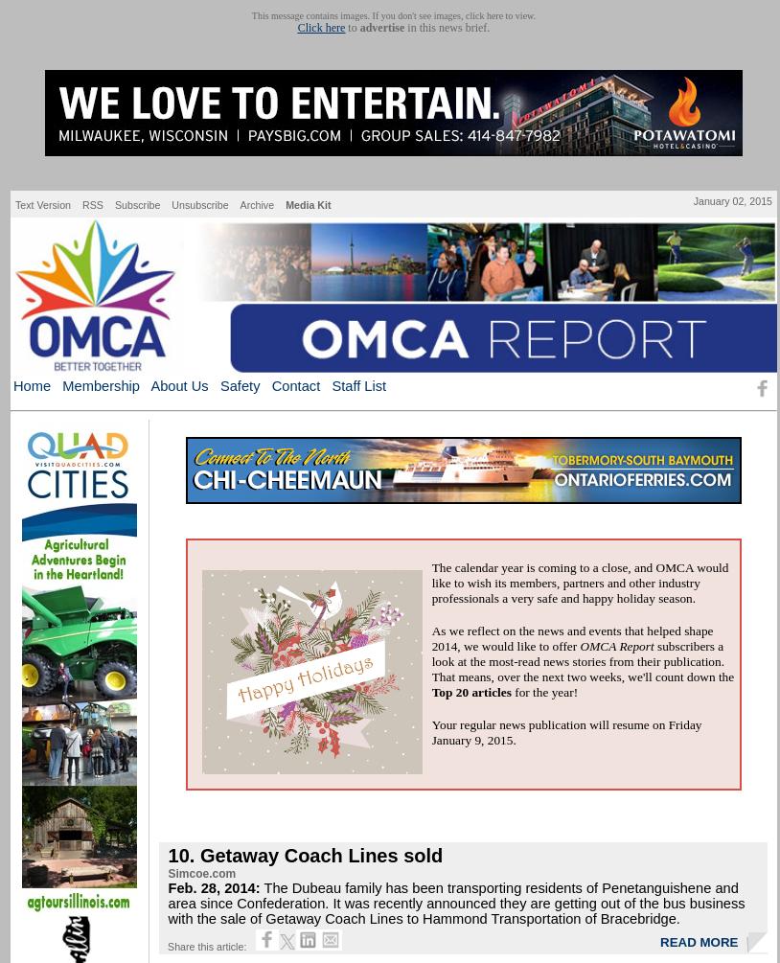 The image size is (780, 963). I want to click on 'Unsubscribe', so click(170, 203).